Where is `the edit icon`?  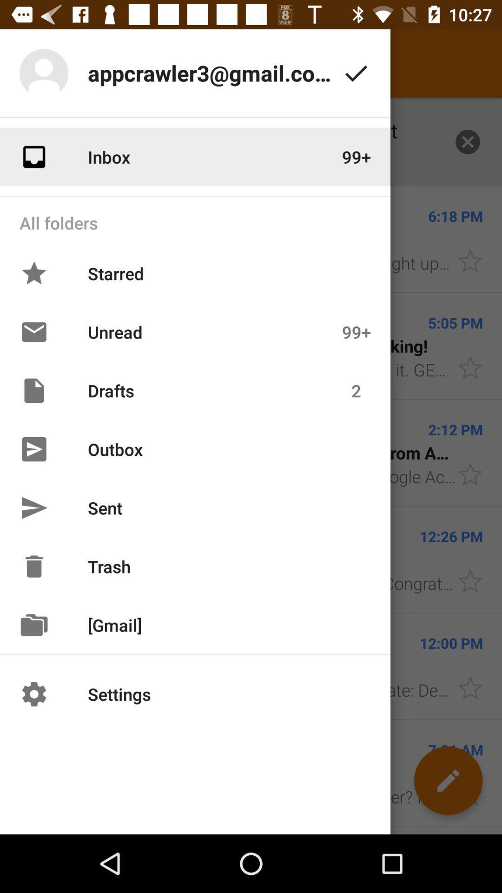 the edit icon is located at coordinates (448, 780).